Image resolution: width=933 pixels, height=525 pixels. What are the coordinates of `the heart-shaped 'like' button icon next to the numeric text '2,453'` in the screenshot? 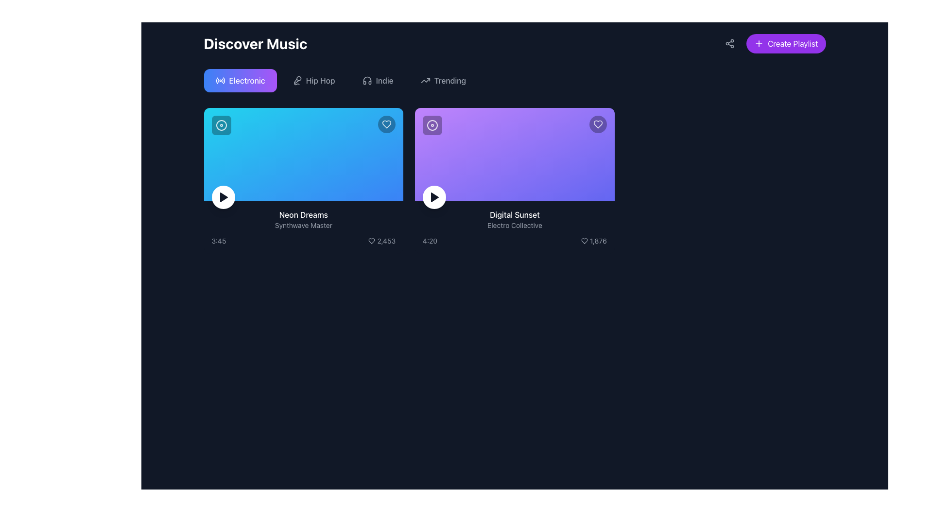 It's located at (371, 241).